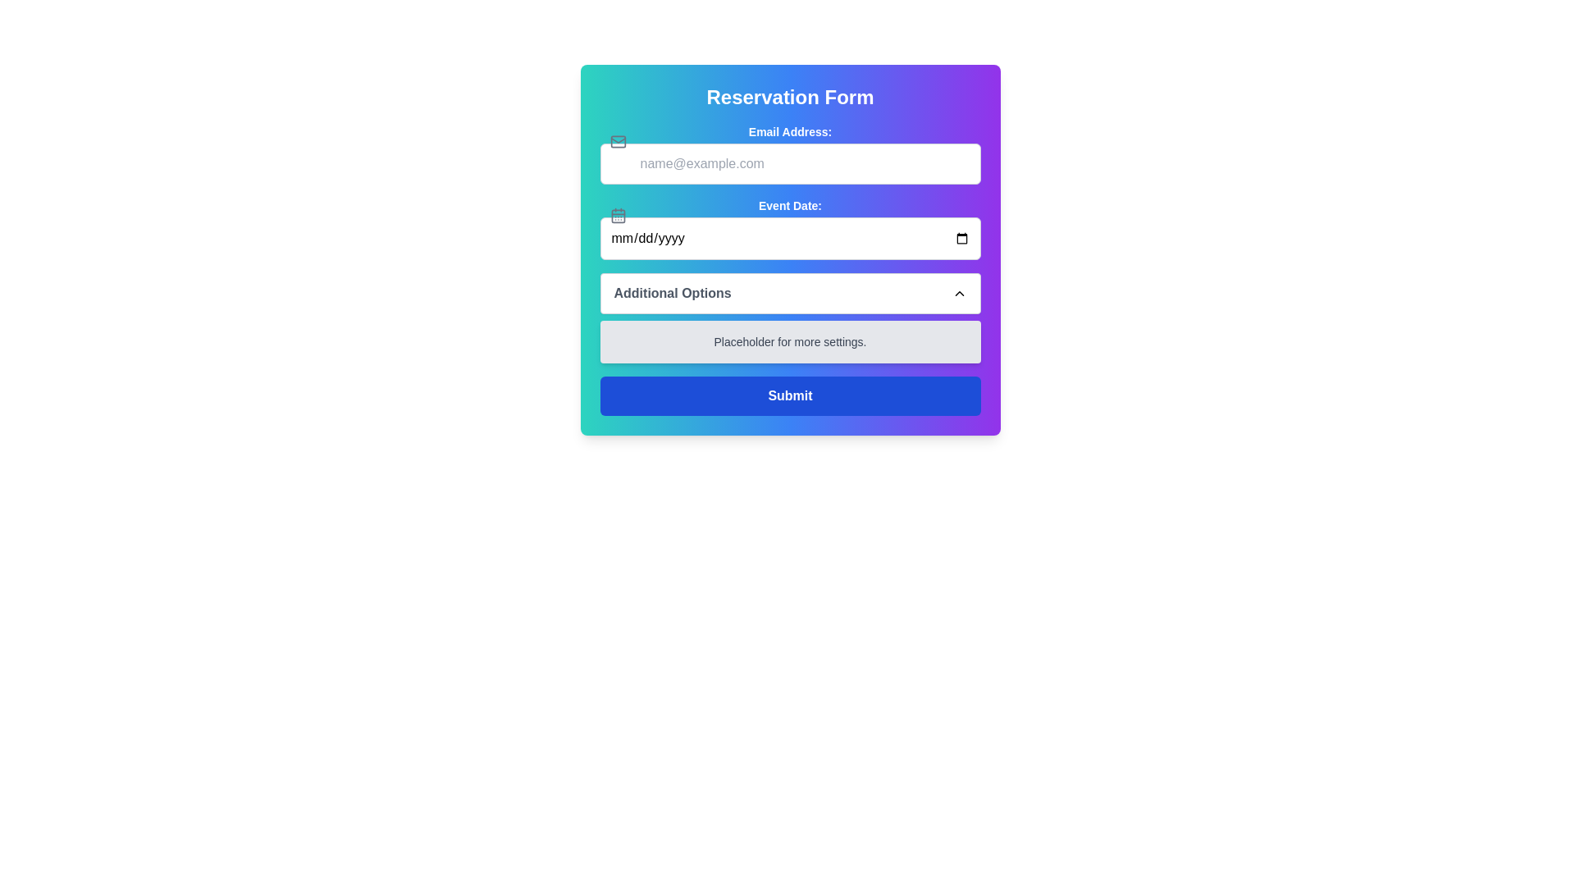  Describe the element at coordinates (790, 98) in the screenshot. I see `the bold white 'Reservation Form' header located at the top center of the form interface with a gradient background` at that location.